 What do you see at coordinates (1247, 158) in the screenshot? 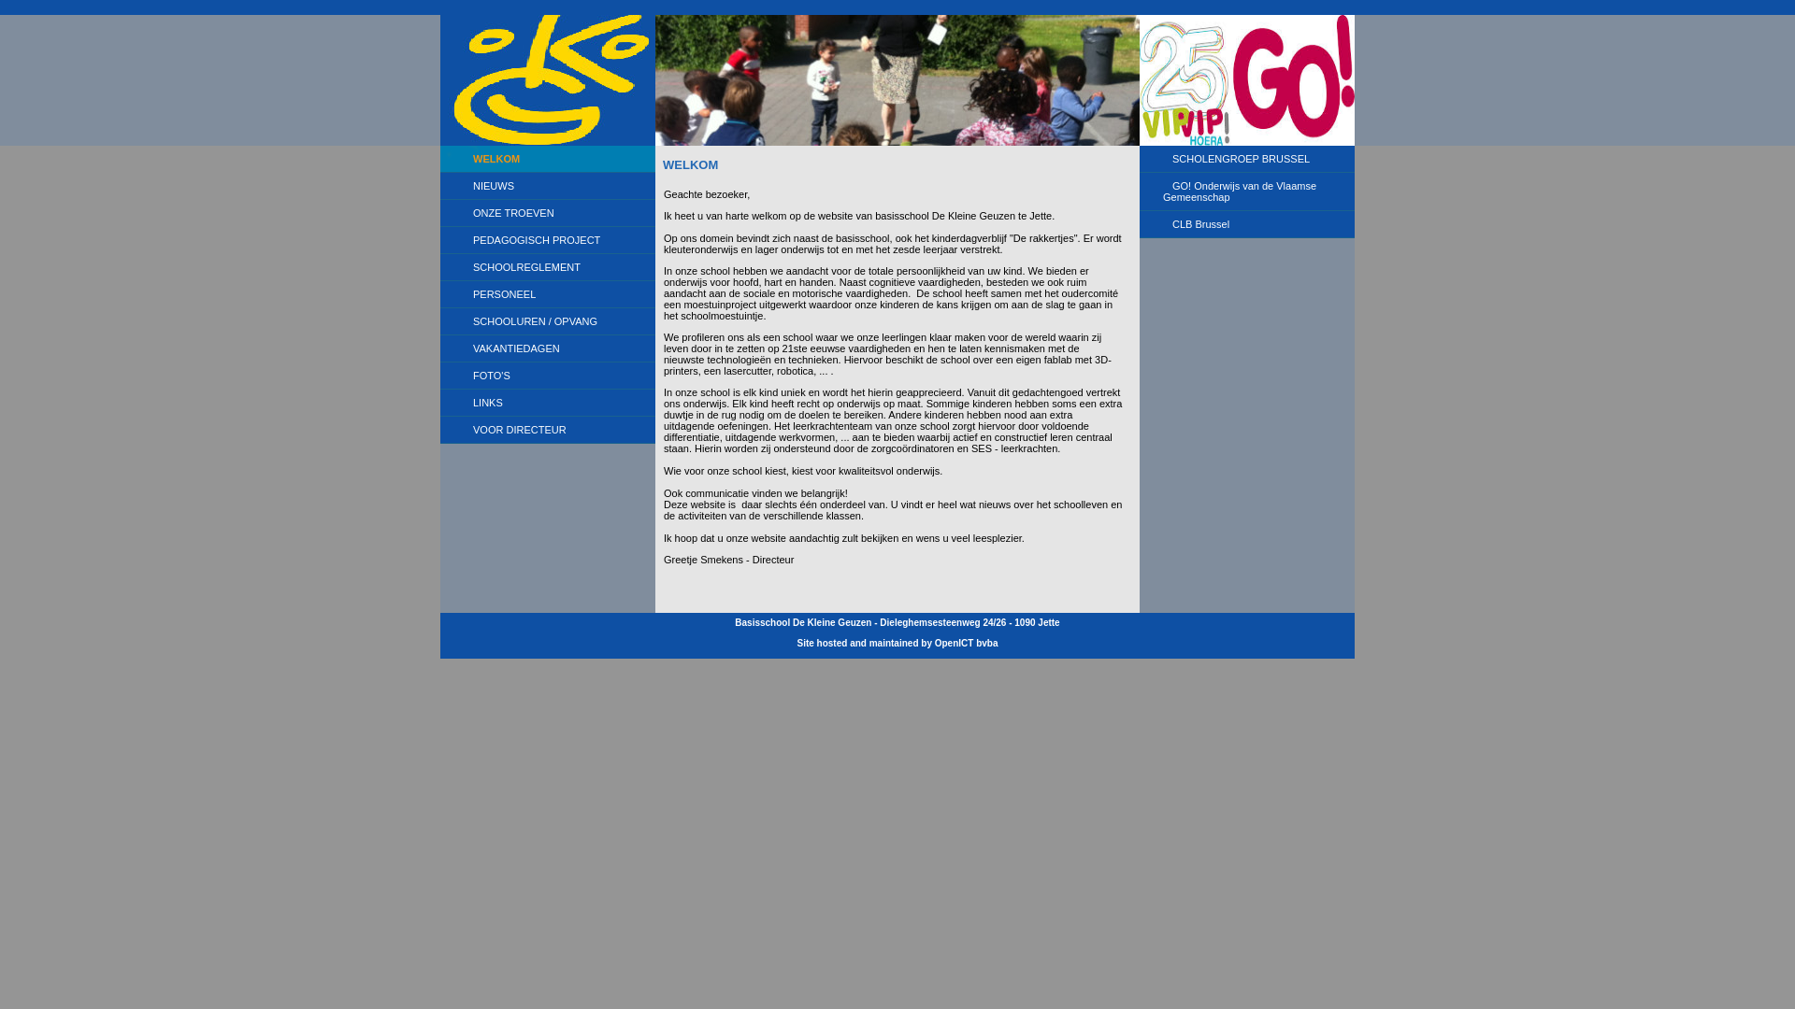
I see `'SCHOLENGROEP BRUSSEL'` at bounding box center [1247, 158].